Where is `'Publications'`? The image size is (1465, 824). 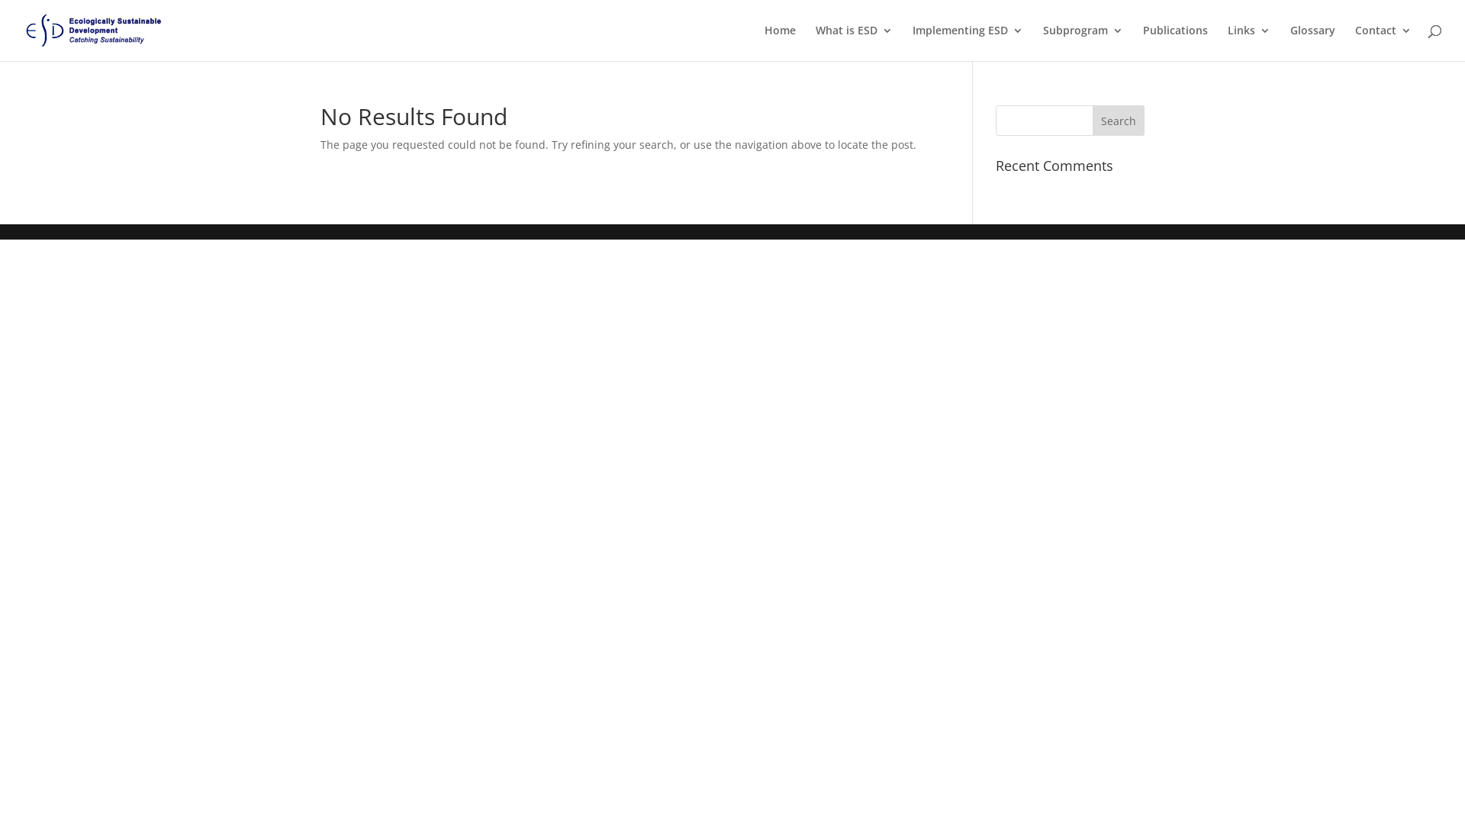
'Publications' is located at coordinates (1142, 42).